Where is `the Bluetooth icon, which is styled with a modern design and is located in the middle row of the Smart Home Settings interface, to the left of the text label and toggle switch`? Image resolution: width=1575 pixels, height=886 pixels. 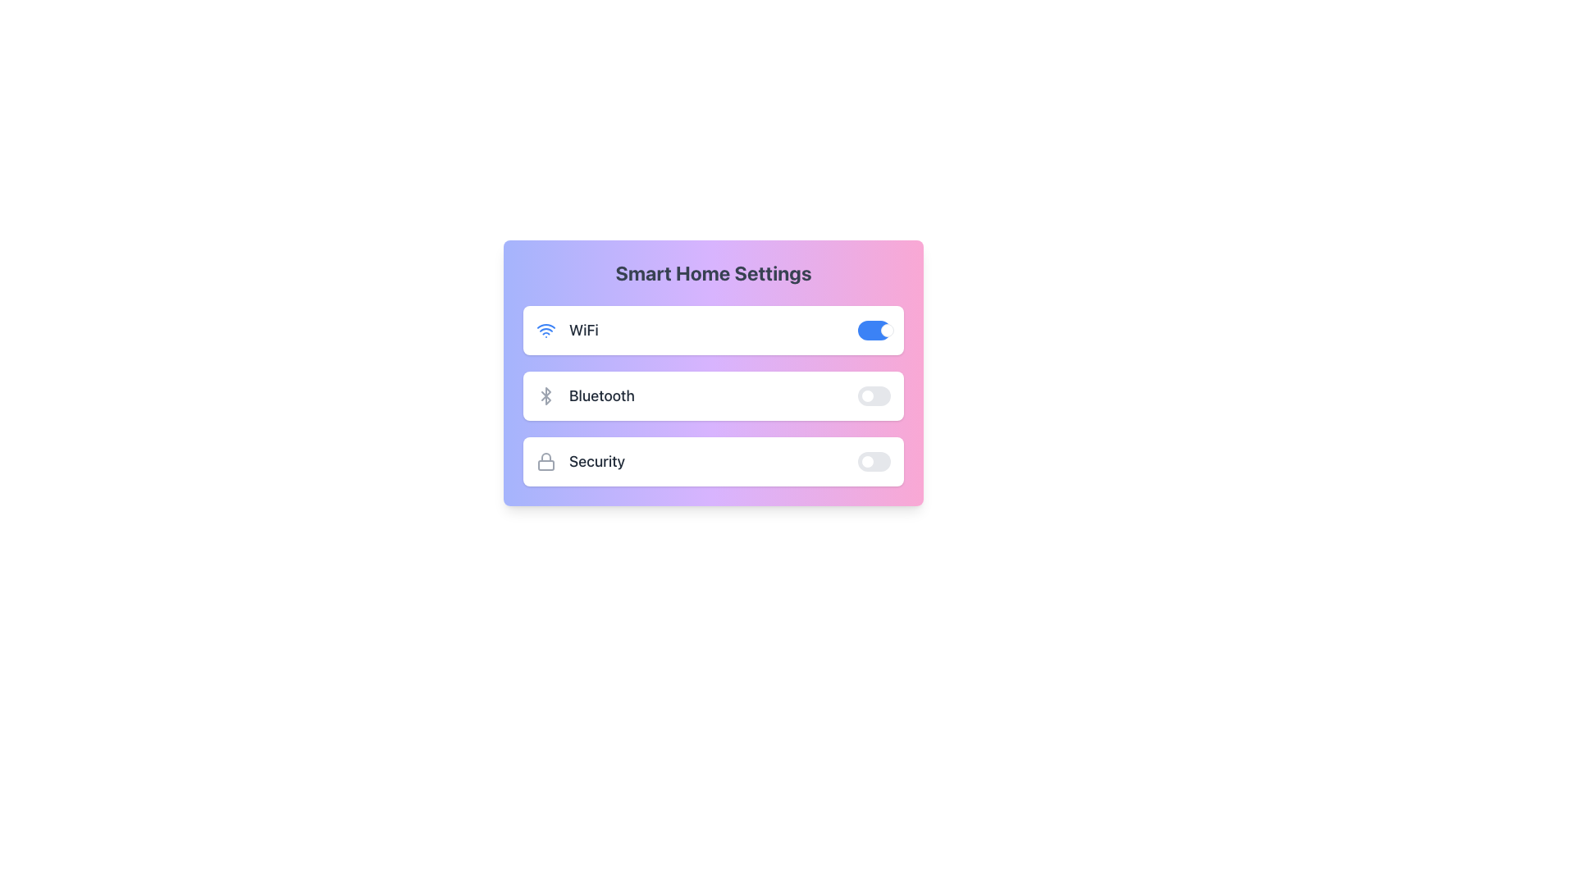
the Bluetooth icon, which is styled with a modern design and is located in the middle row of the Smart Home Settings interface, to the left of the text label and toggle switch is located at coordinates (546, 395).